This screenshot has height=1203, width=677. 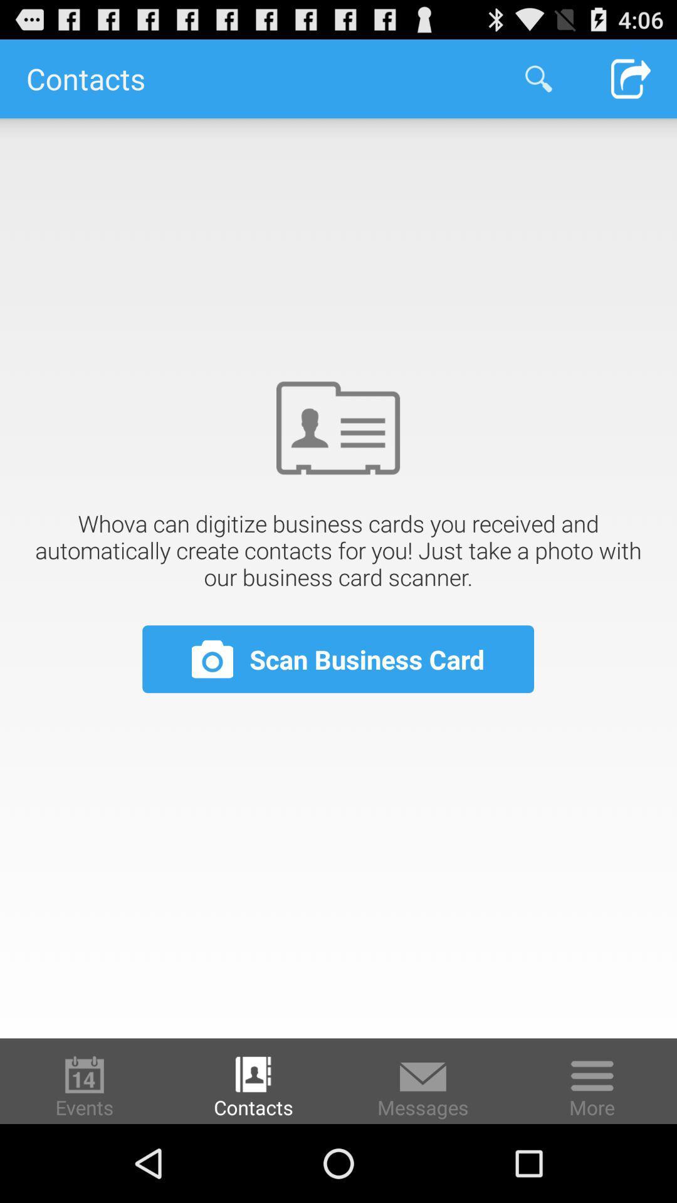 I want to click on item next to the contacts icon, so click(x=538, y=78).